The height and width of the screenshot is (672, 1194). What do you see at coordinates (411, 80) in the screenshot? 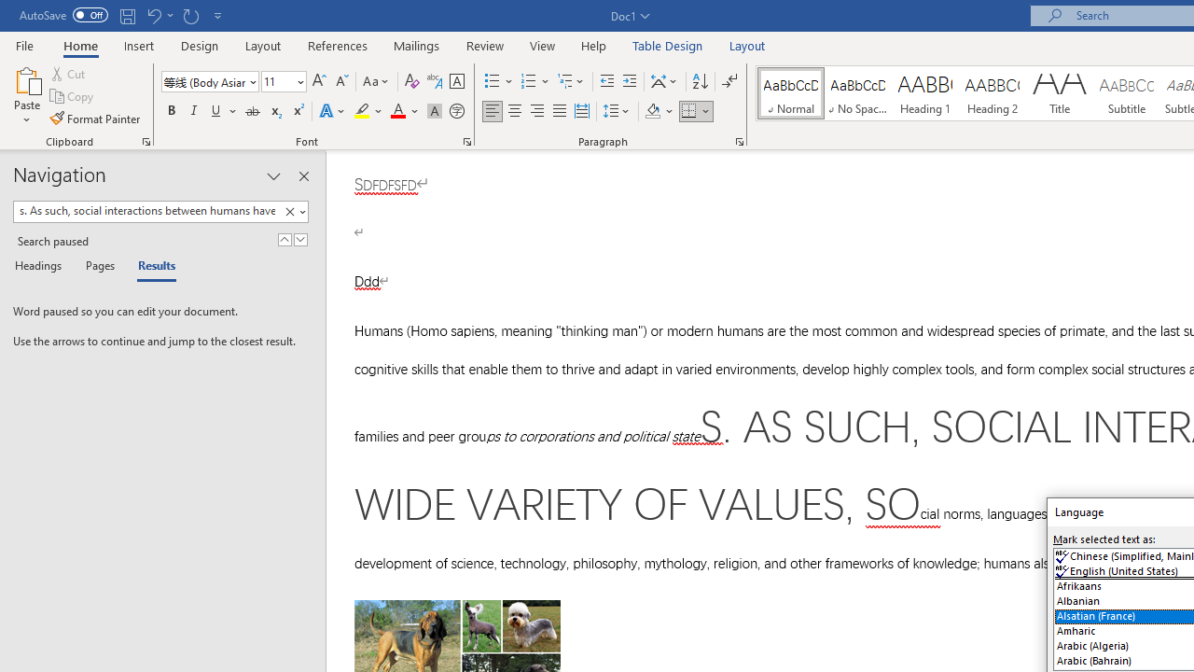
I see `'Clear Formatting'` at bounding box center [411, 80].